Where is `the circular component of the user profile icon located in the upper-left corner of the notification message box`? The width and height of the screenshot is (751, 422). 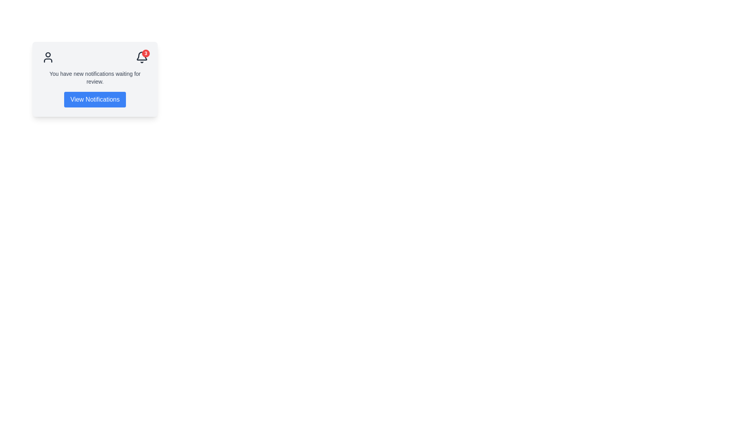
the circular component of the user profile icon located in the upper-left corner of the notification message box is located at coordinates (48, 54).